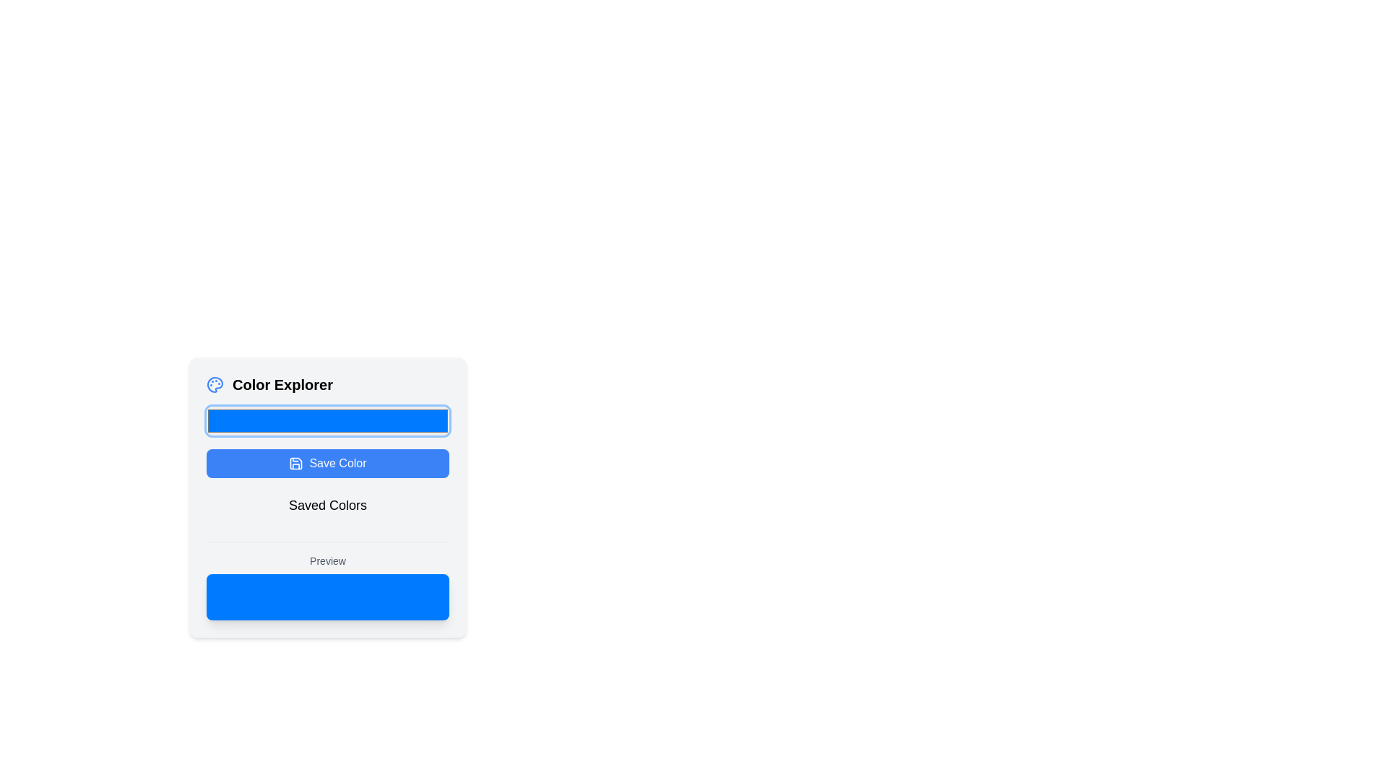 The height and width of the screenshot is (780, 1387). What do you see at coordinates (295, 463) in the screenshot?
I see `the 'Save Color' icon, which visually represents the saving functionality and is located towards the leftmost region of the 'Save Color' button` at bounding box center [295, 463].